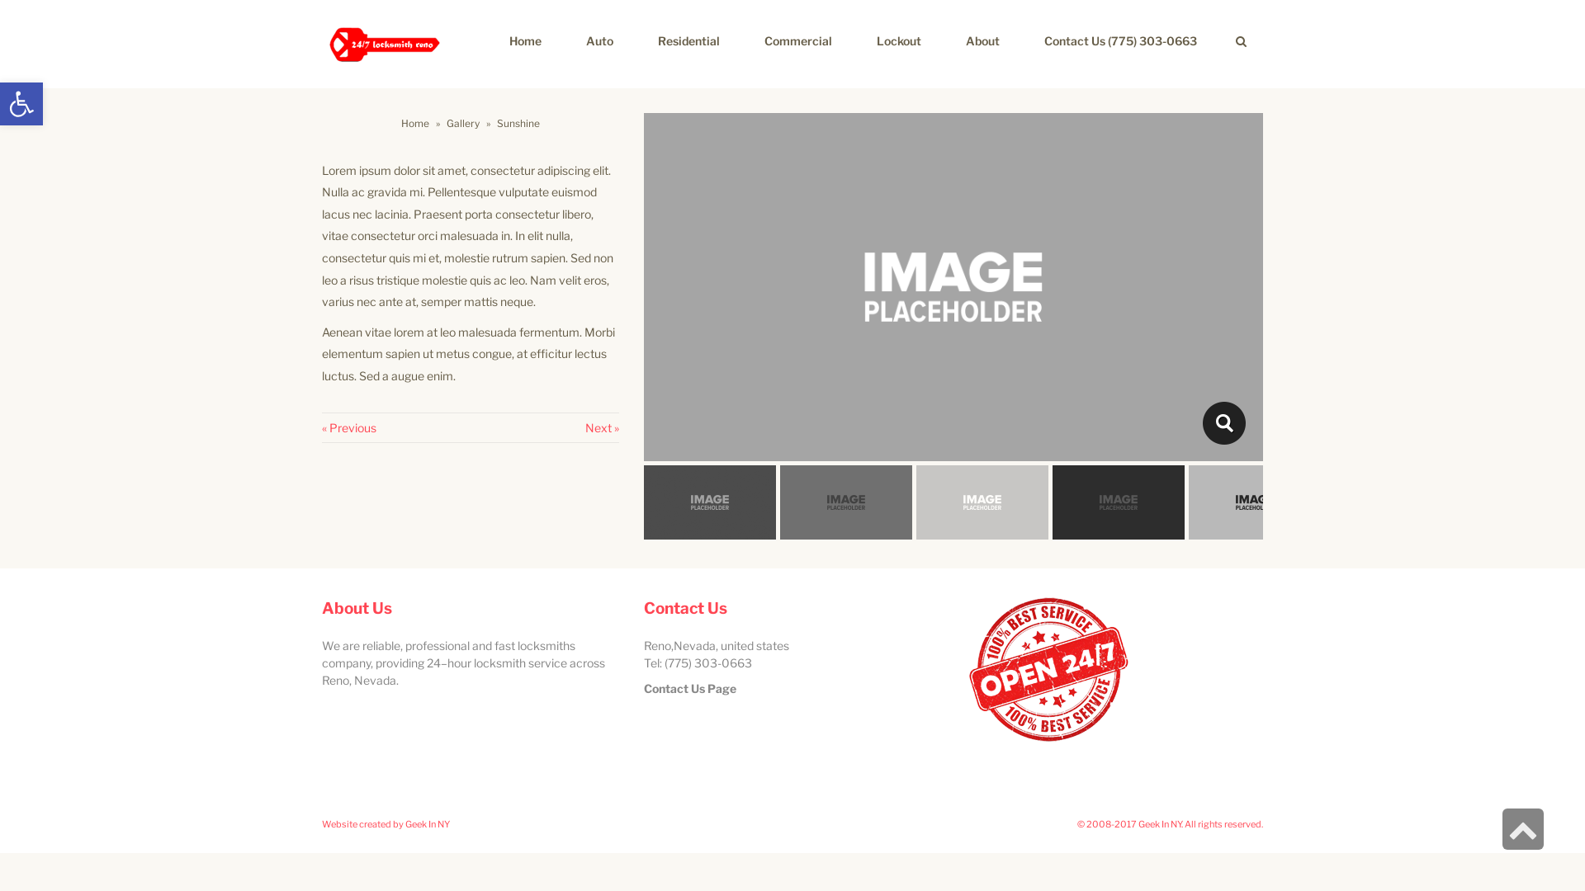 This screenshot has height=891, width=1585. Describe the element at coordinates (428, 824) in the screenshot. I see `'Geek In NY'` at that location.